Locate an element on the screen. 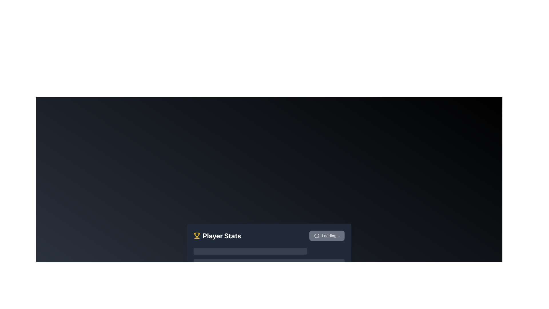 Image resolution: width=549 pixels, height=309 pixels. the loading bar indicator, which is a horizontal gray bar with rounded edges, located in the center-bottom area of the 'Player Stats' box is located at coordinates (268, 262).